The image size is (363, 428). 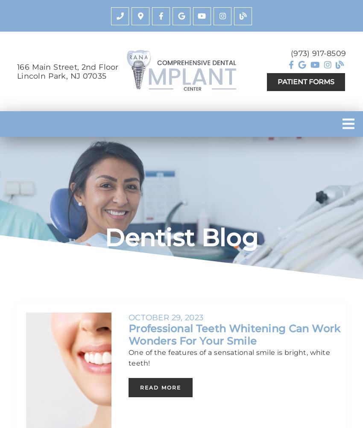 I want to click on 'Read More', so click(x=160, y=387).